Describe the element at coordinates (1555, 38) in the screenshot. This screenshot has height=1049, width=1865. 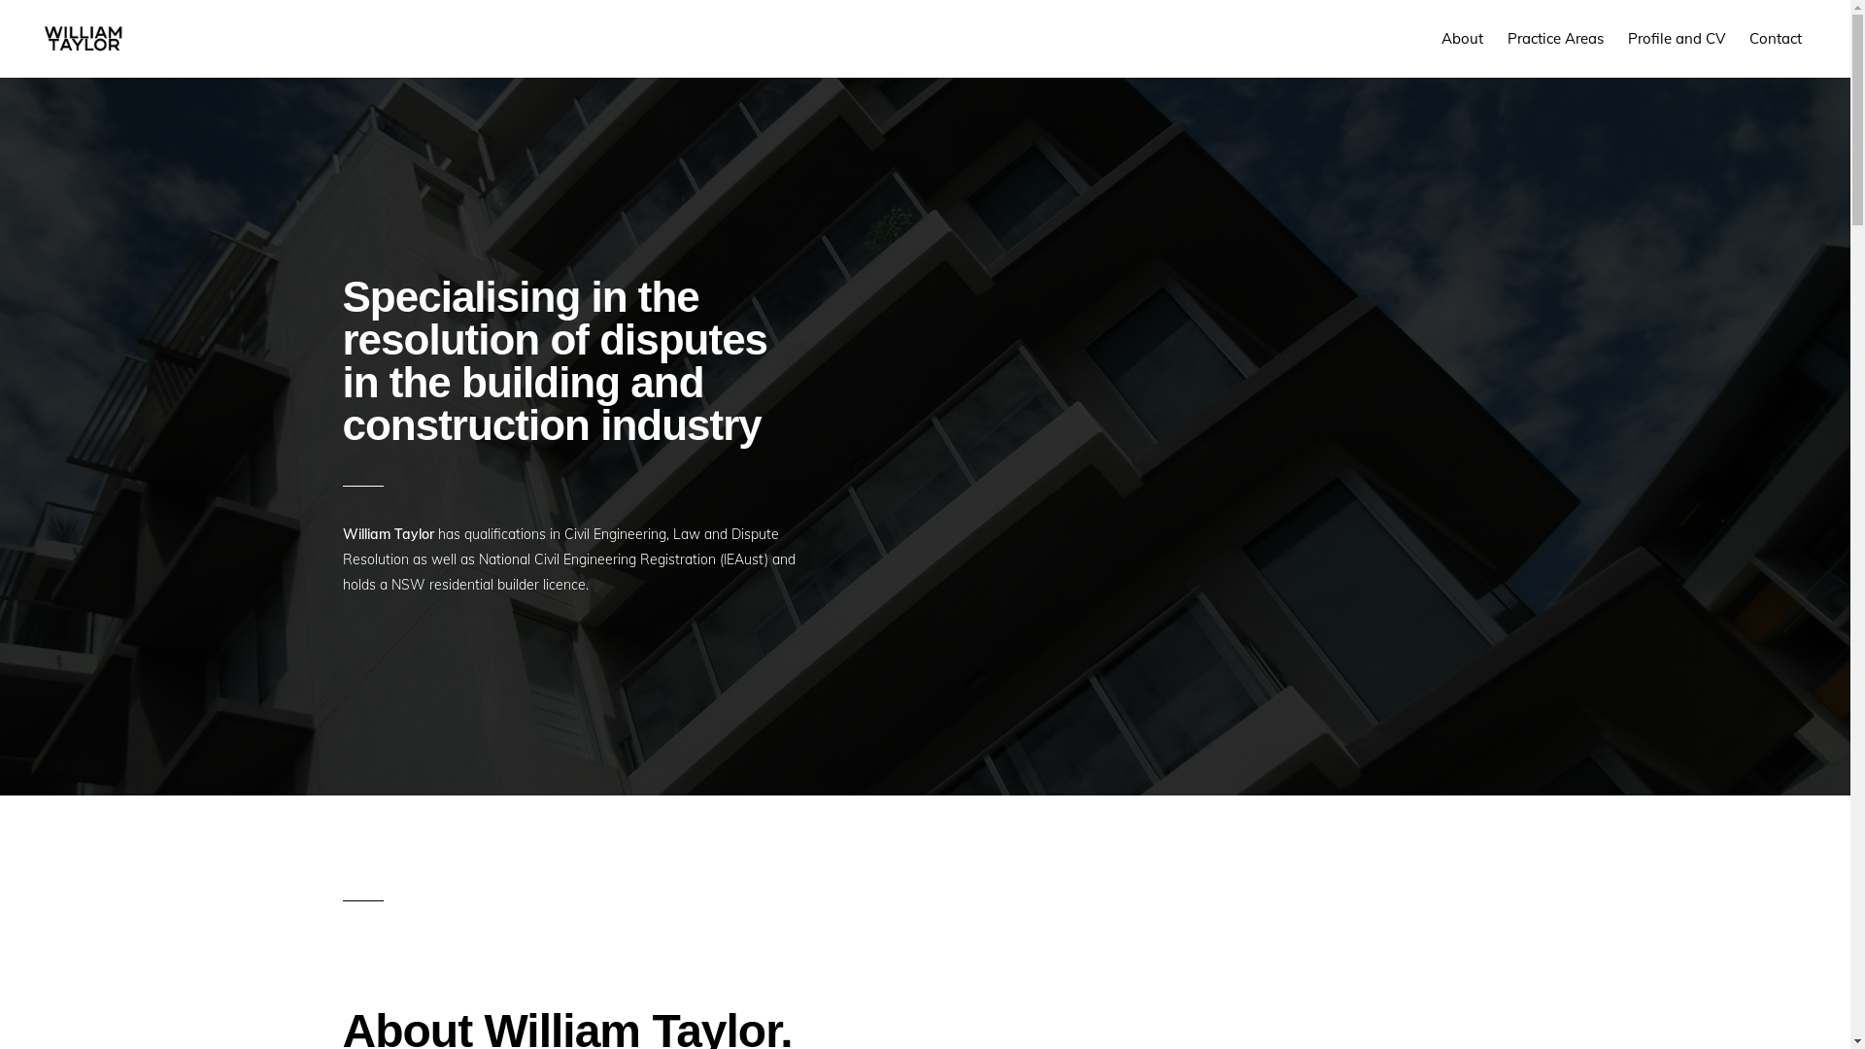
I see `'Practice Areas'` at that location.